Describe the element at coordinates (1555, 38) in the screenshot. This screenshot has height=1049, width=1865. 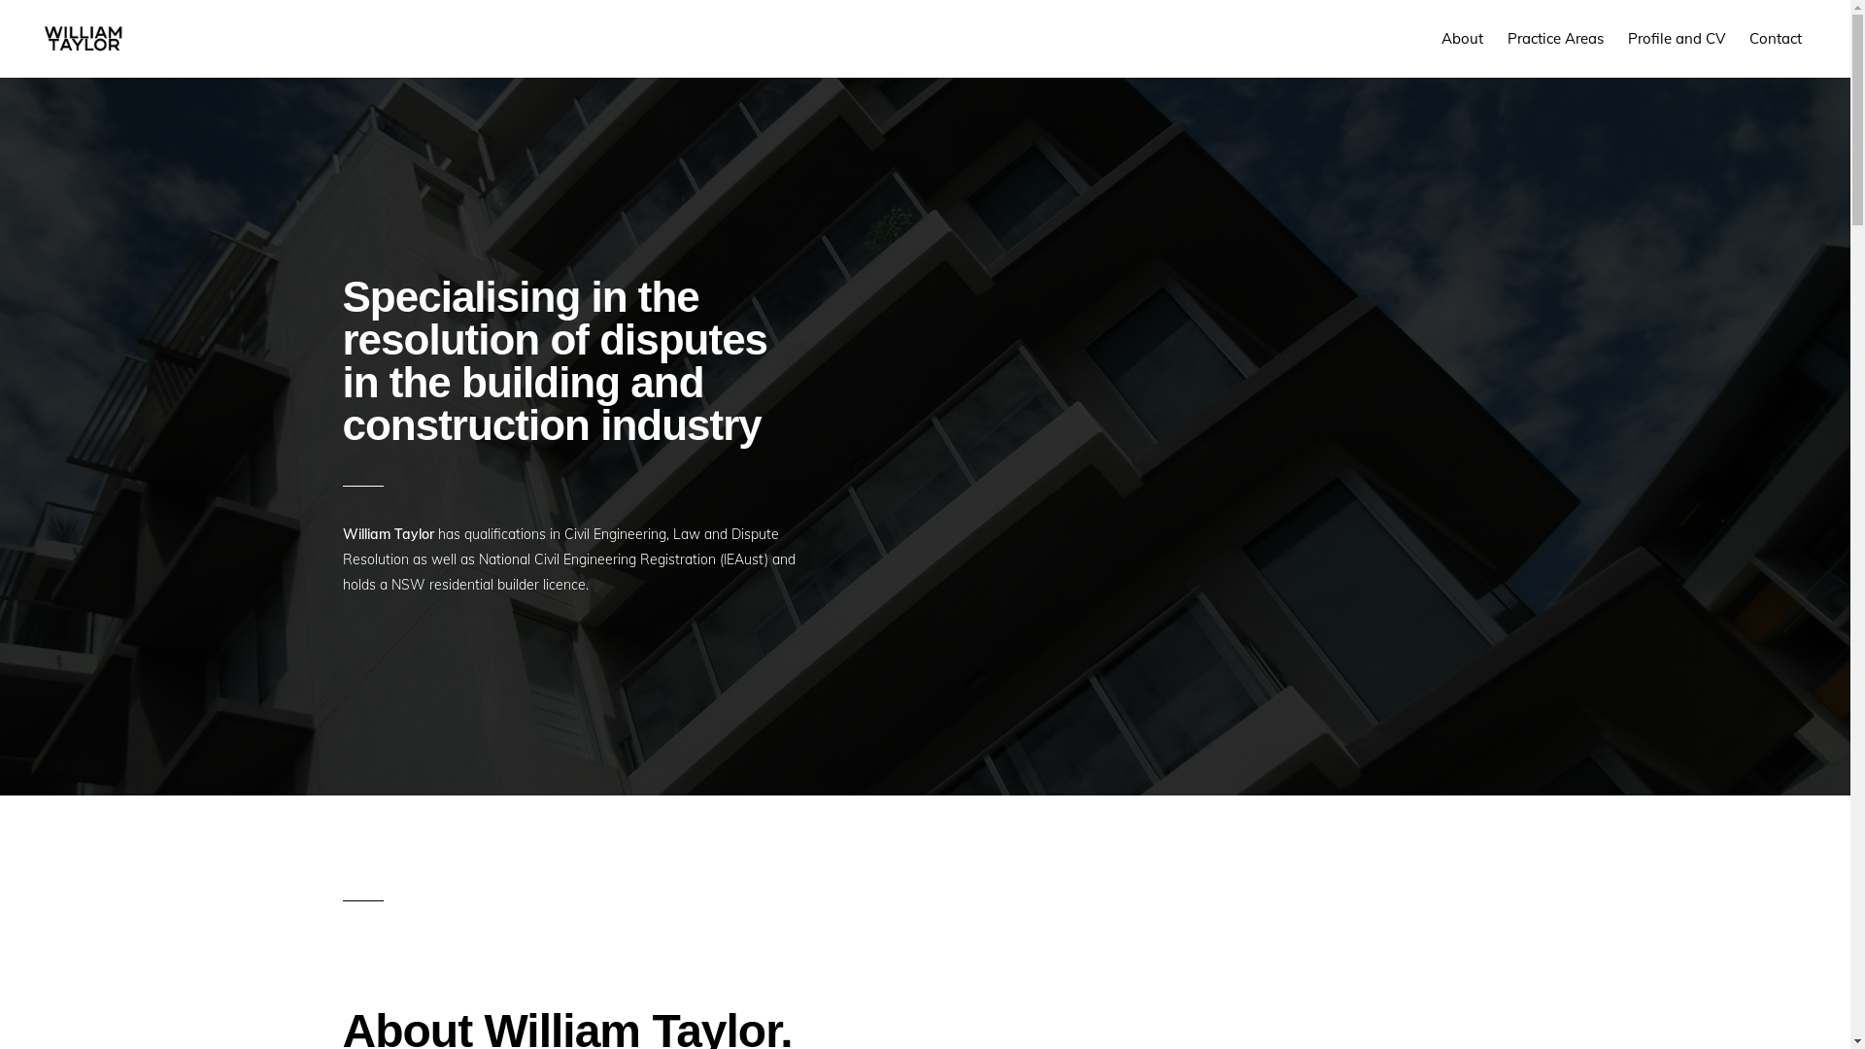
I see `'Practice Areas'` at that location.